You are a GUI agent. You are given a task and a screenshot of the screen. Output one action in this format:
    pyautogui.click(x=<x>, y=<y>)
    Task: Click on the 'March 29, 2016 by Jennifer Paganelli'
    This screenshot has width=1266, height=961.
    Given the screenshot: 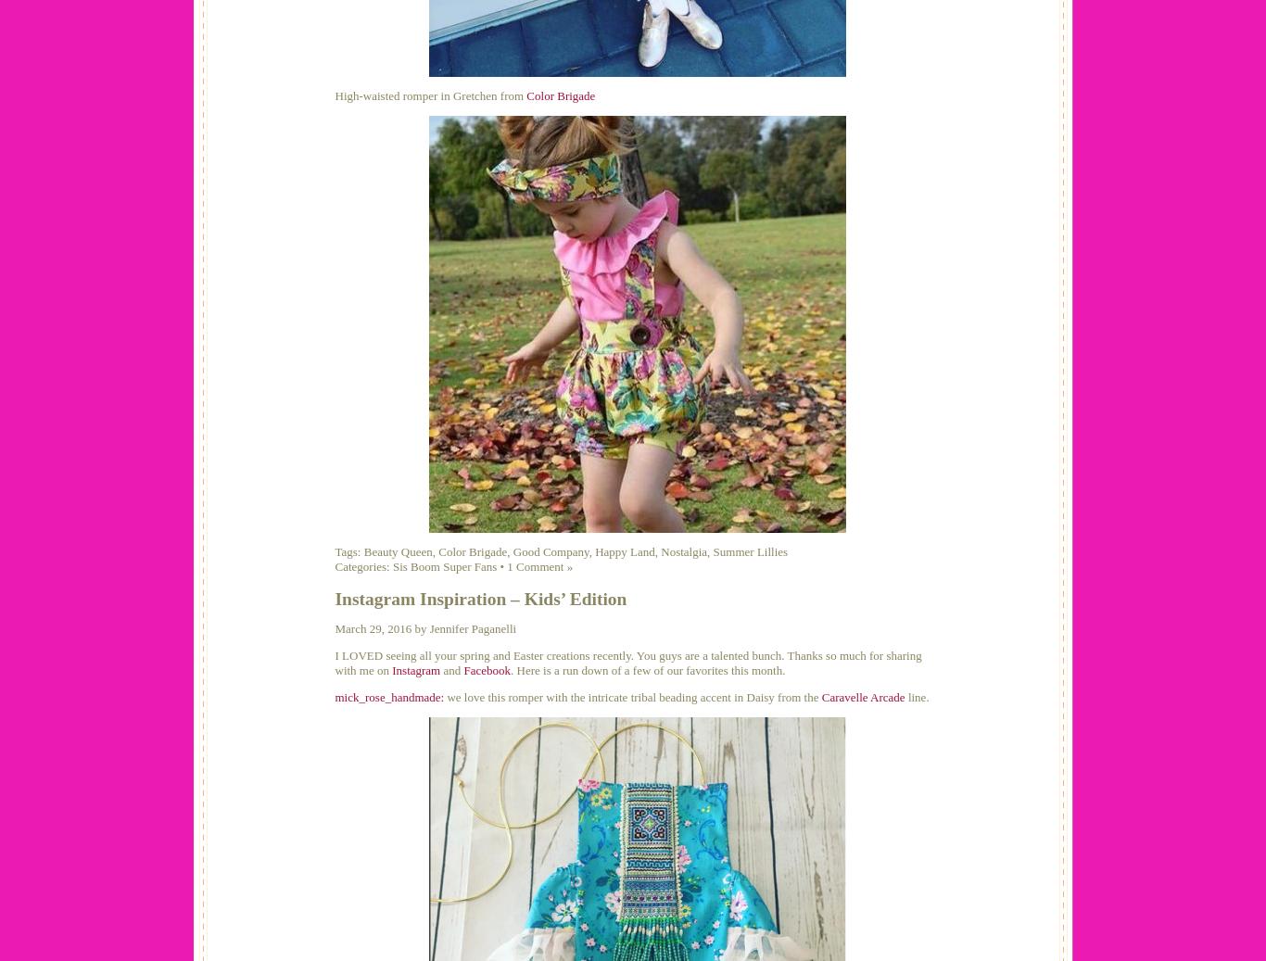 What is the action you would take?
    pyautogui.click(x=424, y=628)
    